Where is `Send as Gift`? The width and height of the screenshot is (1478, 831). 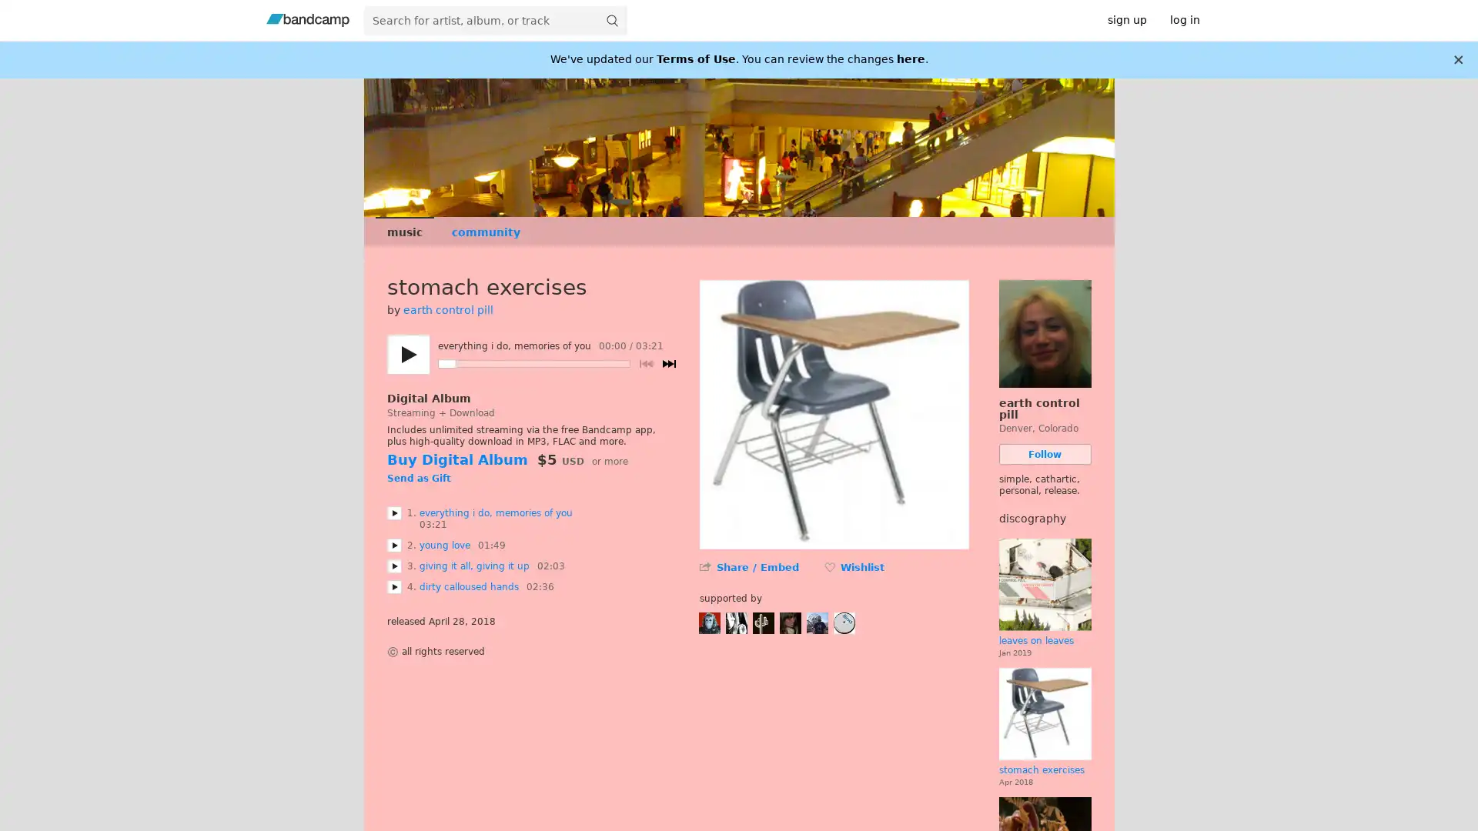
Send as Gift is located at coordinates (418, 479).